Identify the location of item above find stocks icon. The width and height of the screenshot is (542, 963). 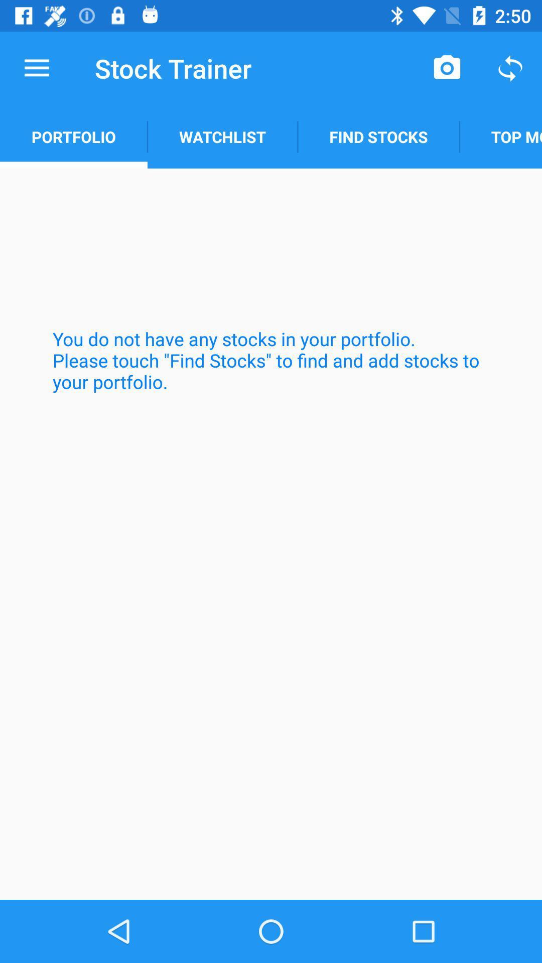
(447, 68).